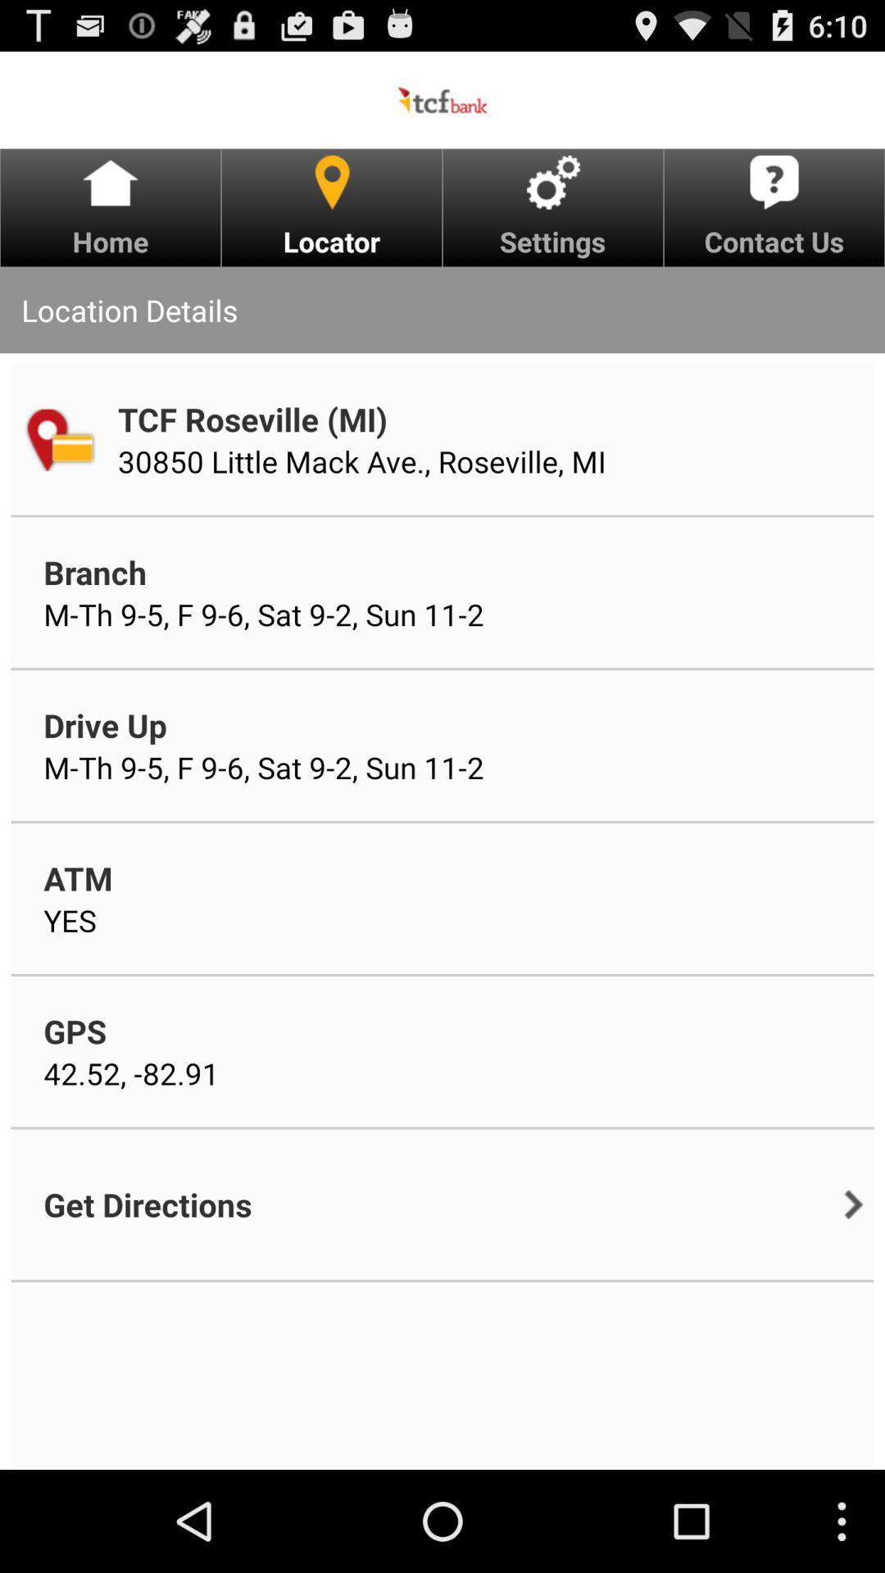  Describe the element at coordinates (58, 439) in the screenshot. I see `app below the location details icon` at that location.